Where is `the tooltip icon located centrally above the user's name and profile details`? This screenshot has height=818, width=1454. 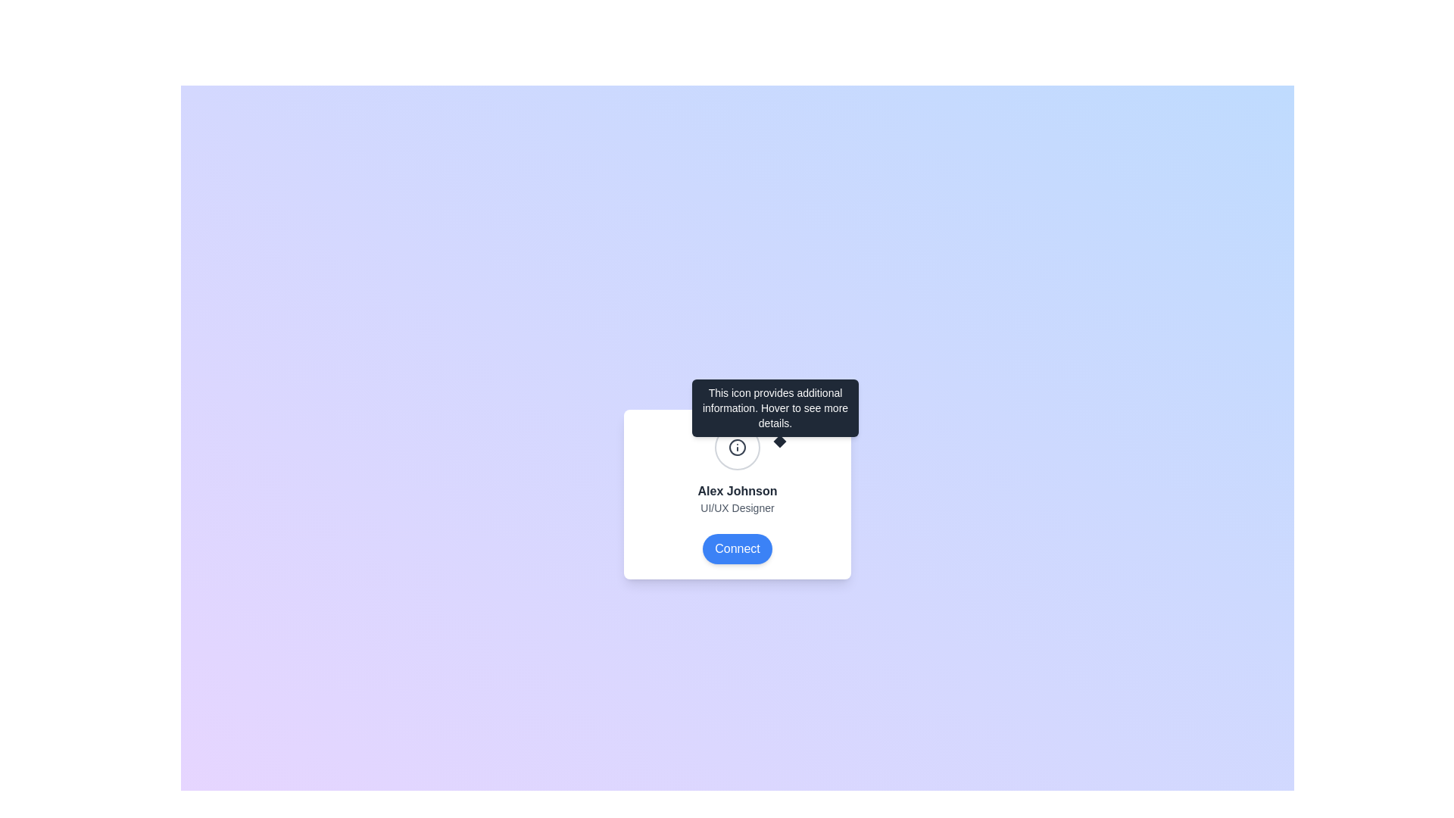
the tooltip icon located centrally above the user's name and profile details is located at coordinates (738, 446).